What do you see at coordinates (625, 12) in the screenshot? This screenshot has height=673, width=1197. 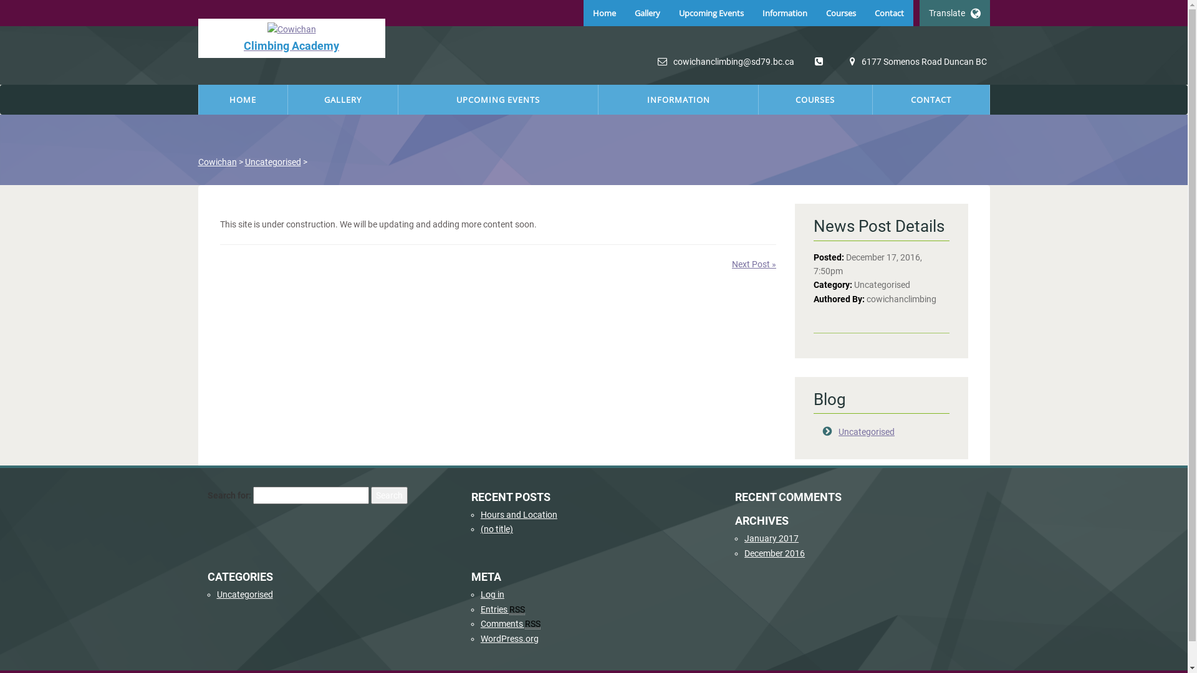 I see `'Gallery'` at bounding box center [625, 12].